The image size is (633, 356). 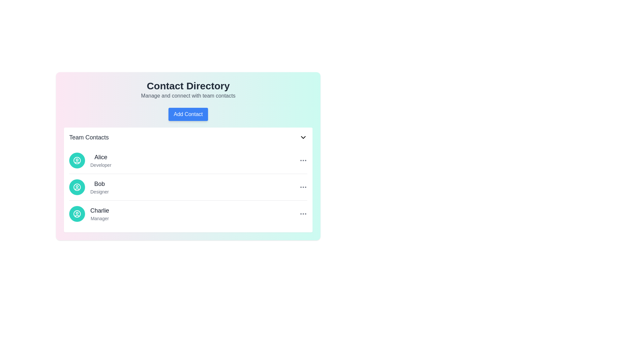 I want to click on the Text element displaying 'Bob - Designer', which is the second entry in a vertical list of team contacts, so click(x=99, y=187).